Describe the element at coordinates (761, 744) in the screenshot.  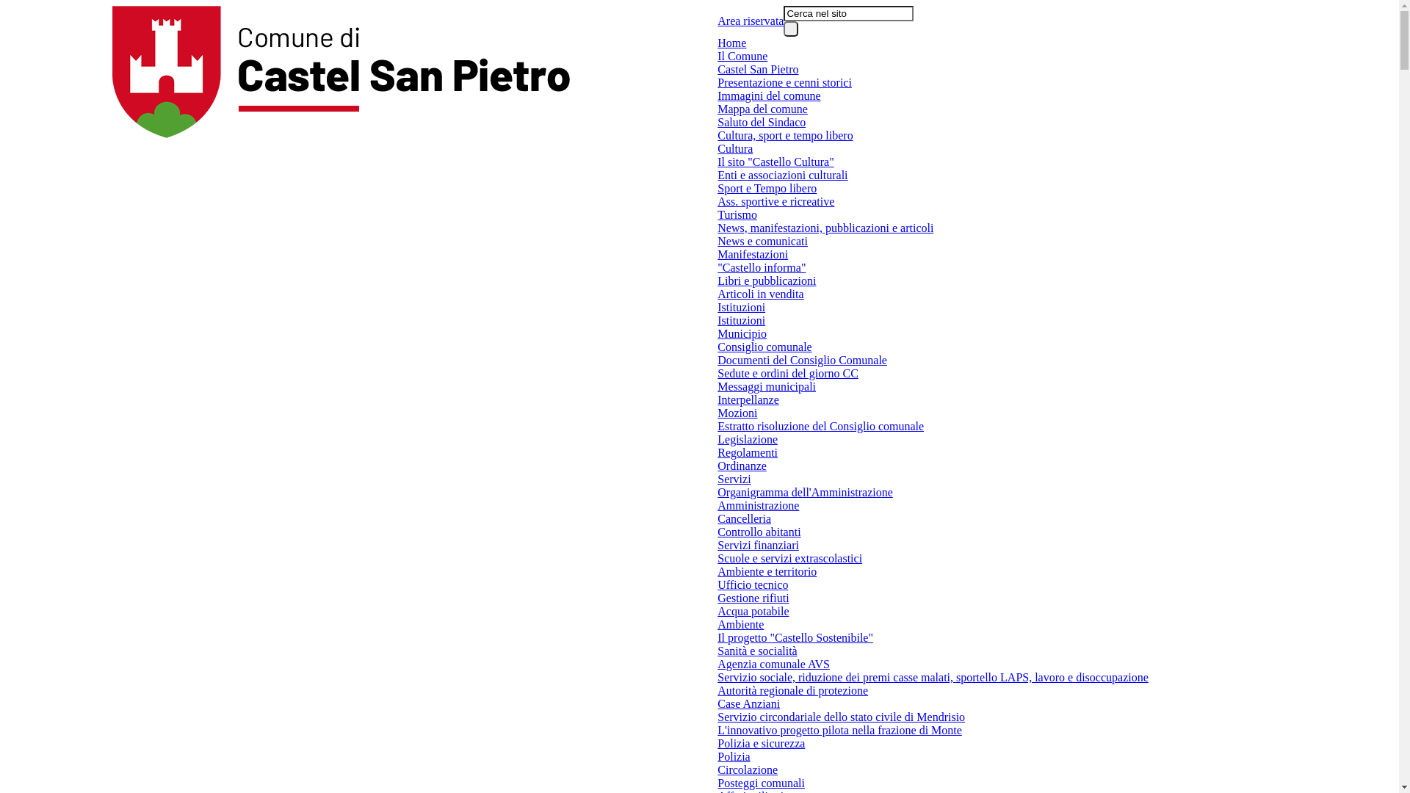
I see `'Polizia e sicurezza'` at that location.